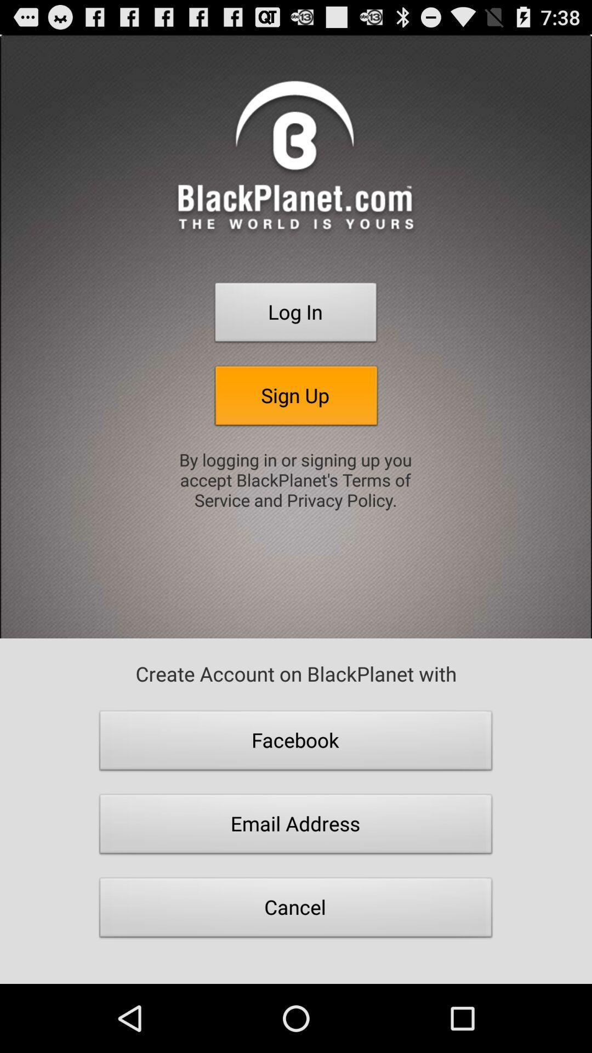 The image size is (592, 1053). I want to click on email address icon, so click(296, 827).